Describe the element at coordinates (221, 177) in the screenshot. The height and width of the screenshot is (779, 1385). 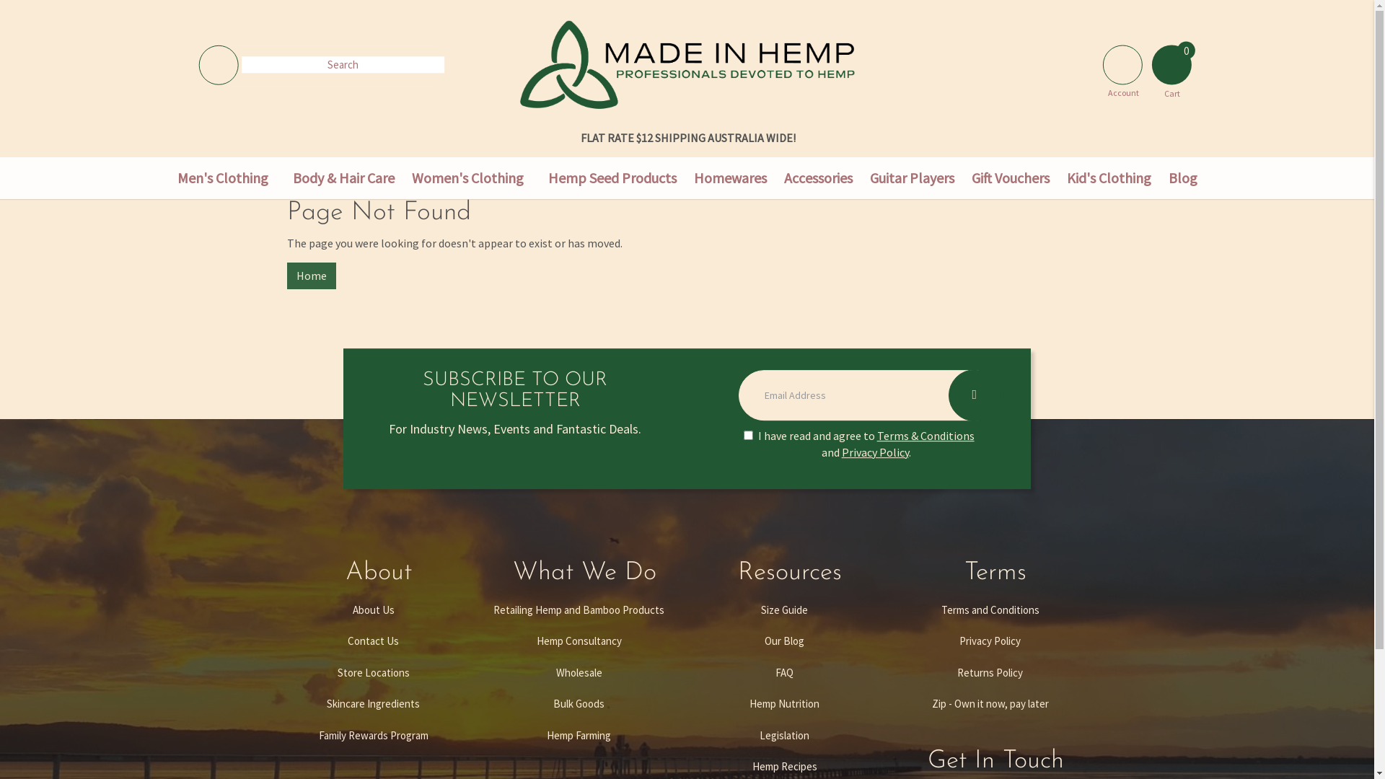
I see `'Men's Clothing'` at that location.